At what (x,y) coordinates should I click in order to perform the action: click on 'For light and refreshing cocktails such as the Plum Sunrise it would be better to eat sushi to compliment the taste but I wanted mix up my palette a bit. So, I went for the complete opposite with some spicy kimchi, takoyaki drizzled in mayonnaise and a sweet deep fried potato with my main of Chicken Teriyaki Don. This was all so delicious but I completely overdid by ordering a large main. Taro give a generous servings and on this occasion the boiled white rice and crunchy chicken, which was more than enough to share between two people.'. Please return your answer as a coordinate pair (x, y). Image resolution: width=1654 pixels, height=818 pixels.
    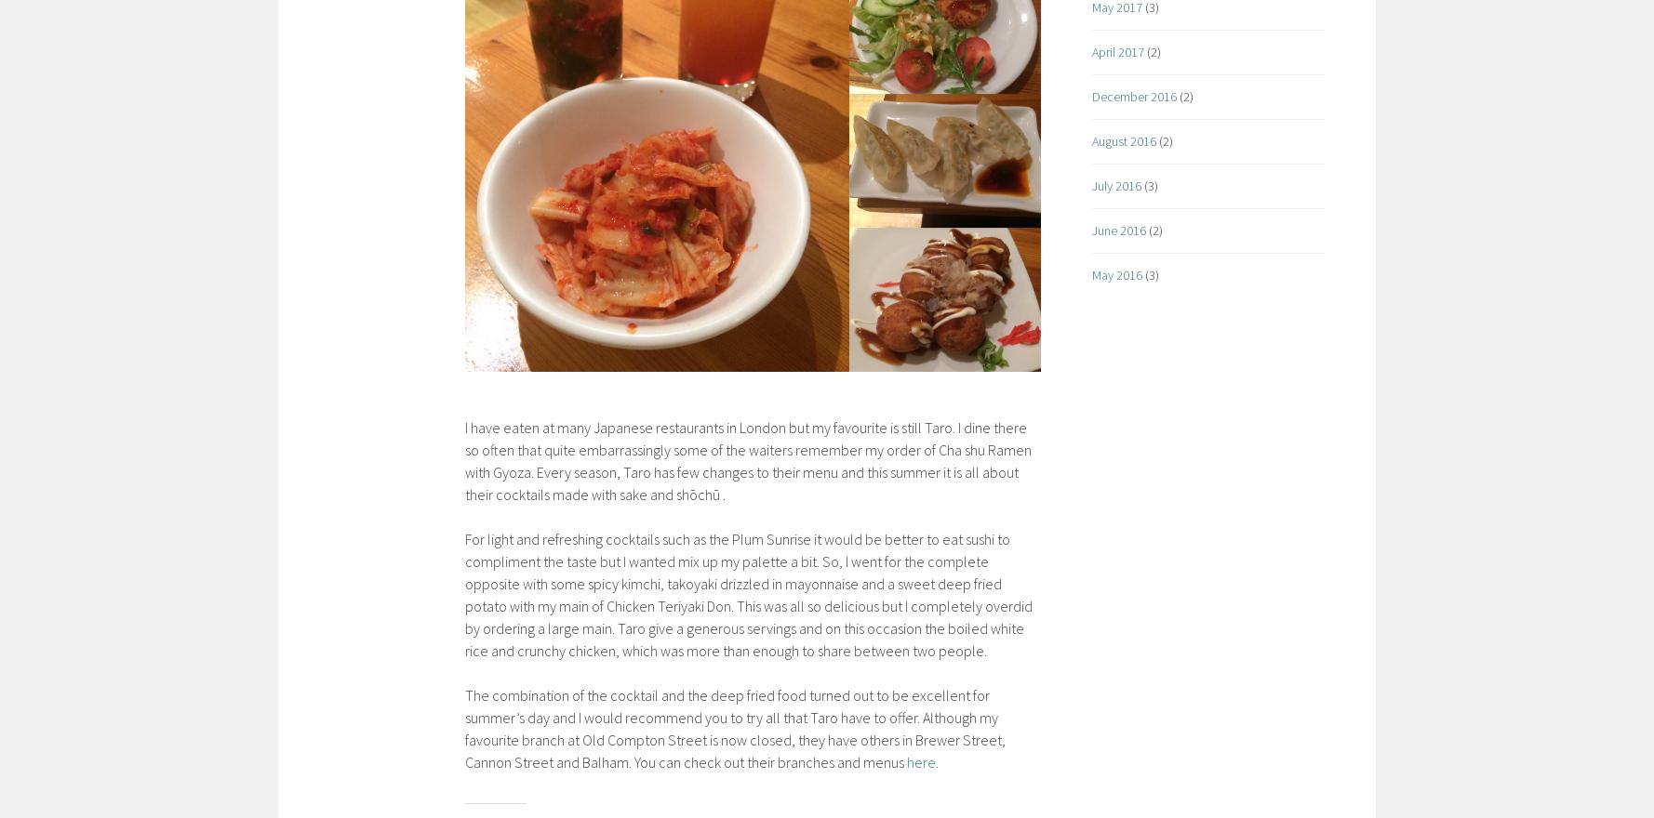
    Looking at the image, I should click on (749, 593).